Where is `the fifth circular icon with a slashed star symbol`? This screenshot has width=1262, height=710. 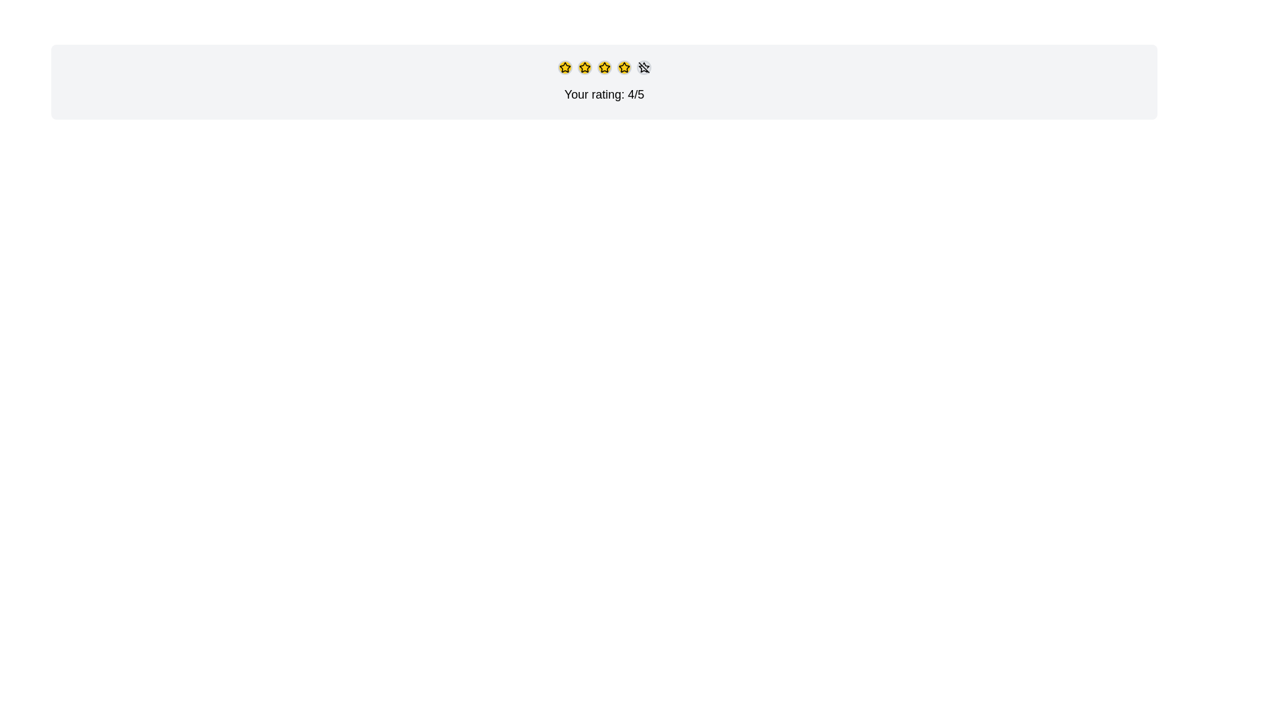
the fifth circular icon with a slashed star symbol is located at coordinates (643, 68).